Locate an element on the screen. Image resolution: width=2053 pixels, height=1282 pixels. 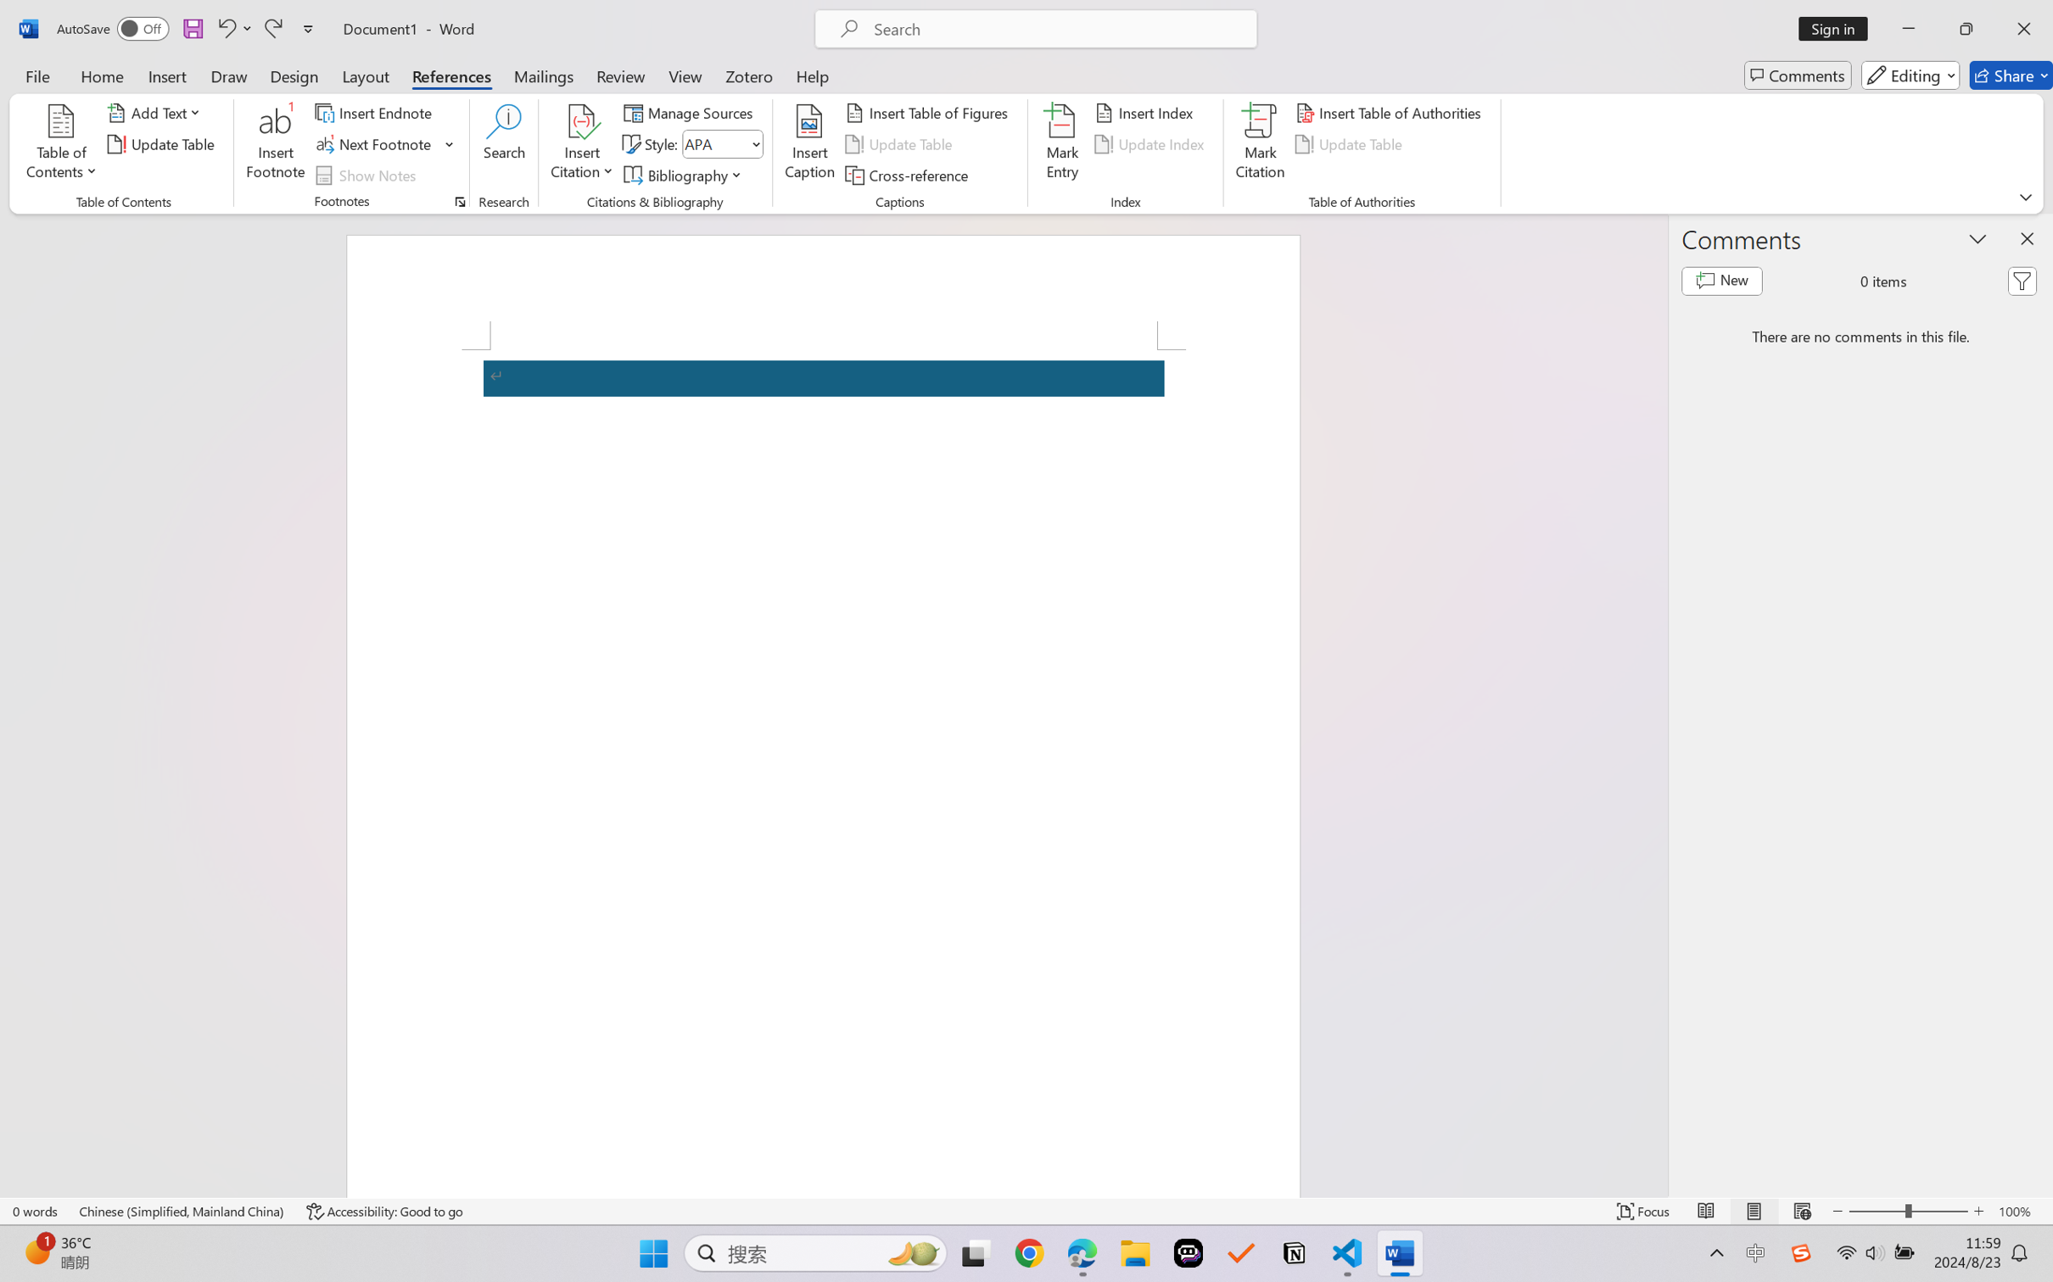
'Next Footnote' is located at coordinates (374, 144).